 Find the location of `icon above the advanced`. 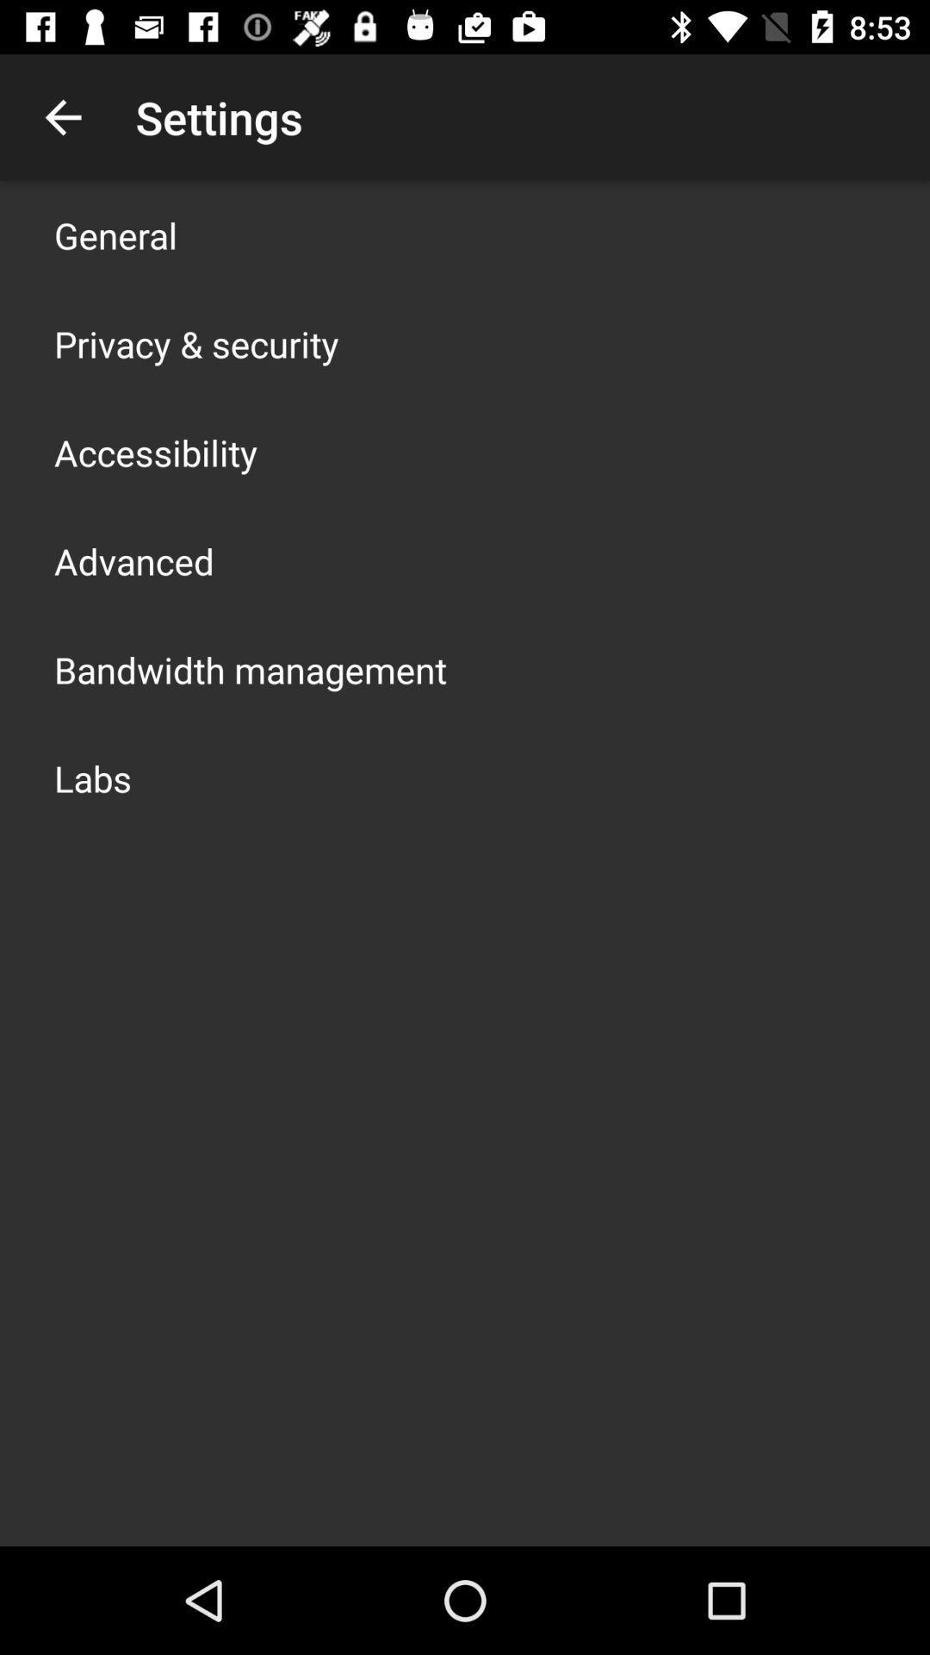

icon above the advanced is located at coordinates (156, 452).